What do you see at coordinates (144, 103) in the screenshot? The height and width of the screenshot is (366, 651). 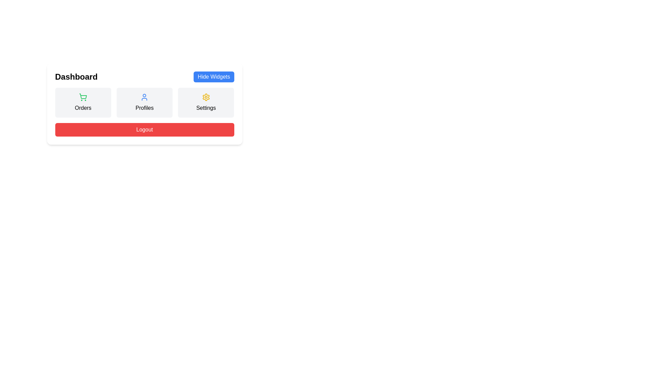 I see `the icons for the 'Orders,' 'Profiles,' and 'Settings' buttons in the group of buttons or navigational links` at bounding box center [144, 103].